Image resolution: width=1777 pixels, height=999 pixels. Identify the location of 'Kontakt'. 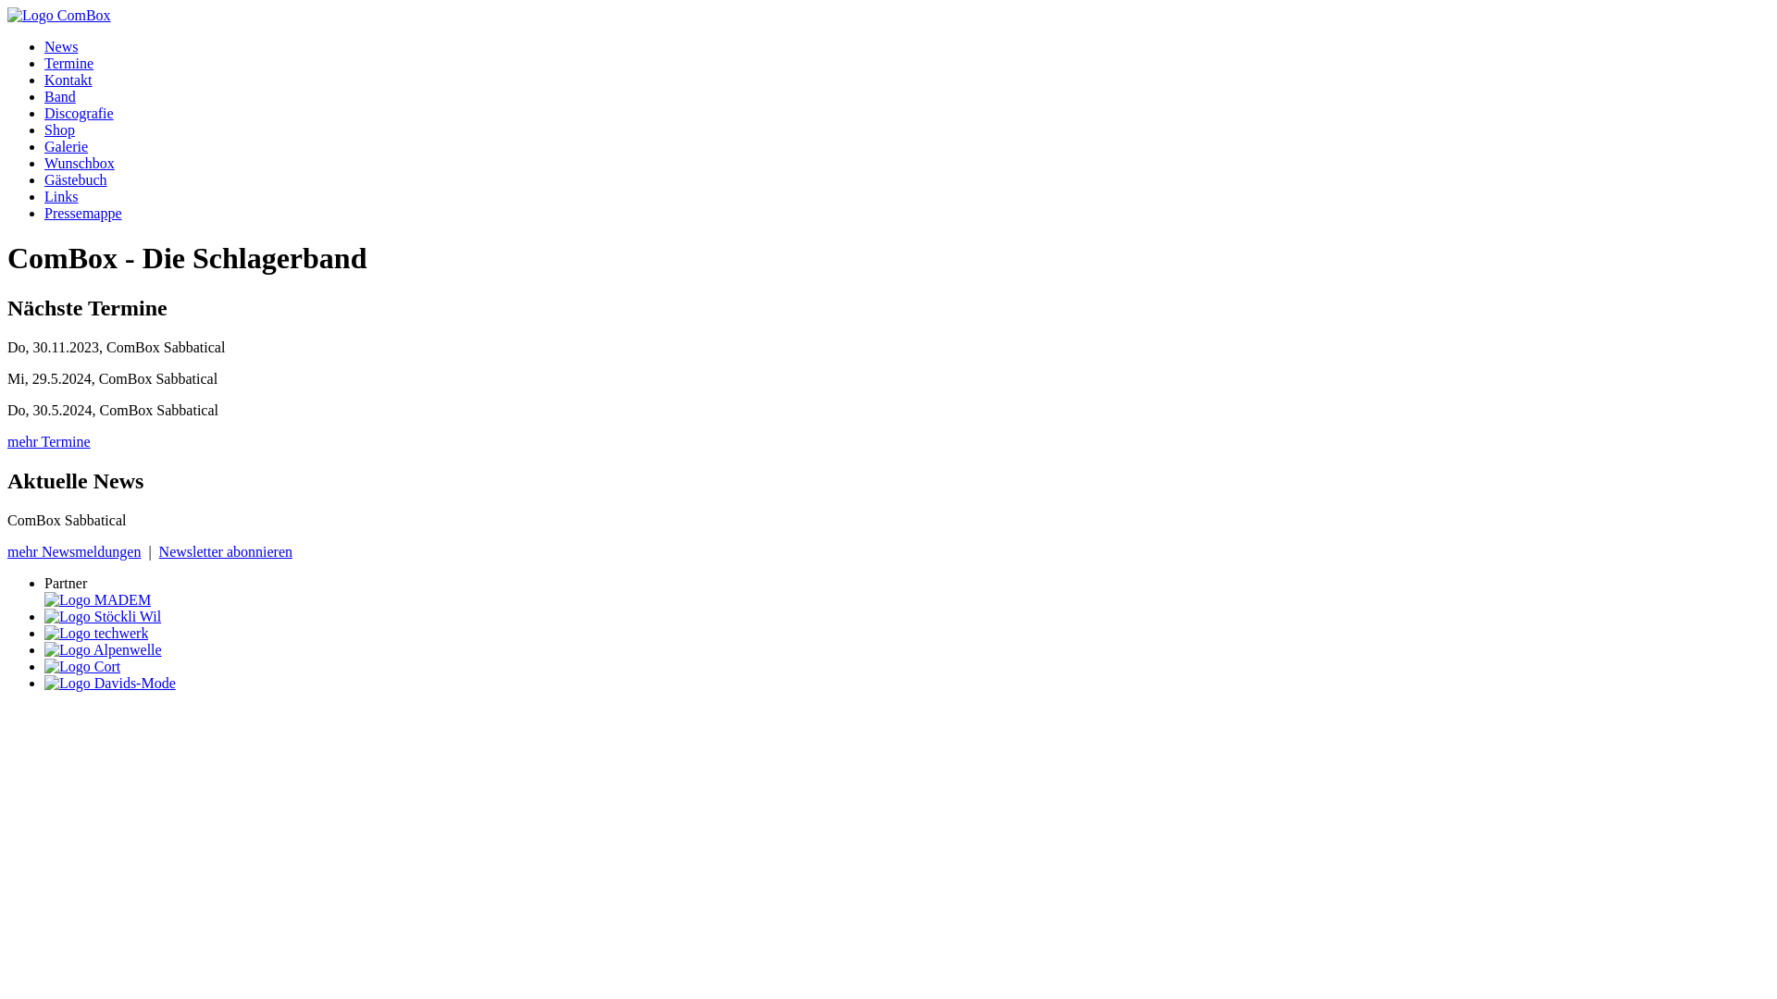
(44, 79).